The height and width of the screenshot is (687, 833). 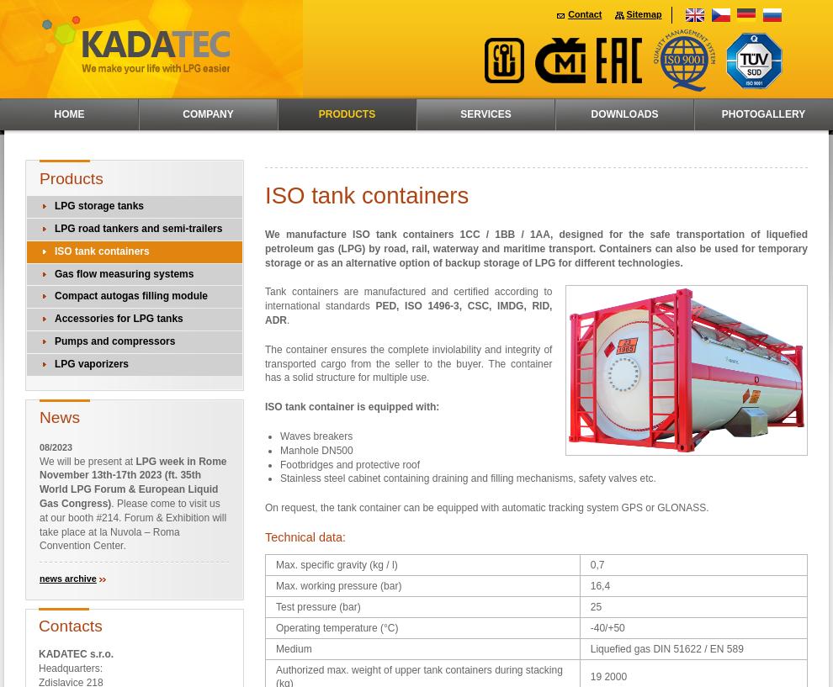 What do you see at coordinates (87, 459) in the screenshot?
I see `'We will be present at'` at bounding box center [87, 459].